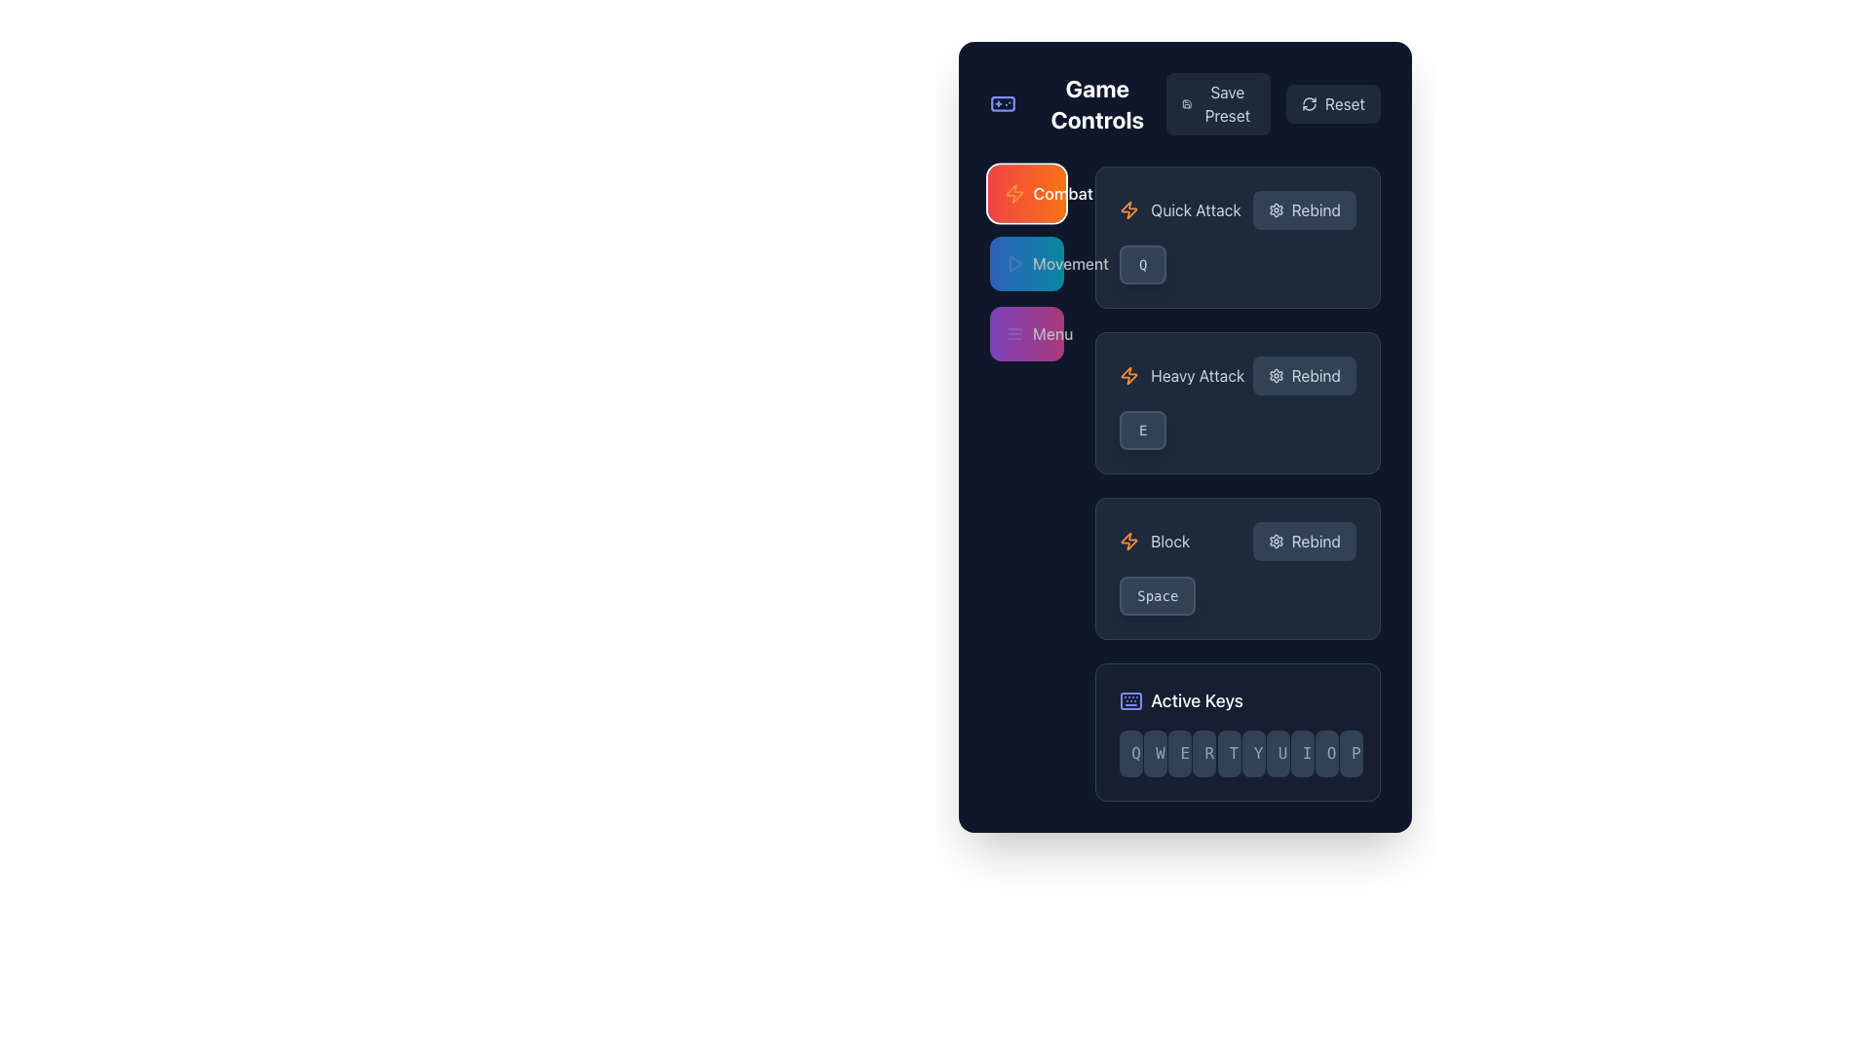  Describe the element at coordinates (1325, 753) in the screenshot. I see `the interactive button for the letter 'O', which is the ninth button in the row of ten labeled 'QWERTYUIOP' located in the 'Active Keys' section` at that location.